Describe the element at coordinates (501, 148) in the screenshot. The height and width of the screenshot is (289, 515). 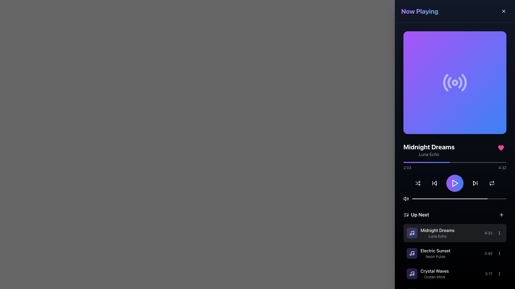
I see `the heart-shaped icon button filled with vibrant pink color located at the top-right corner of the song details section to favorite or unfavorite the song 'Midnight Dreams'` at that location.